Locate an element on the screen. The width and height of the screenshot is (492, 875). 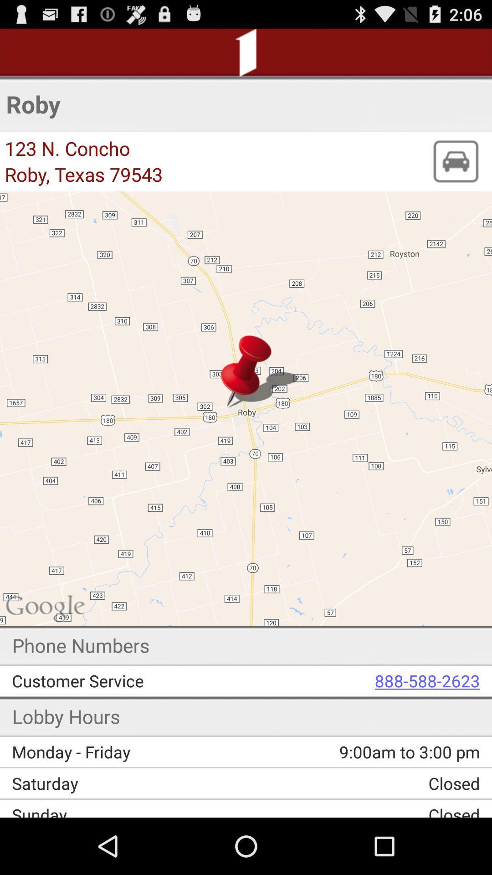
get driving directions is located at coordinates (455, 161).